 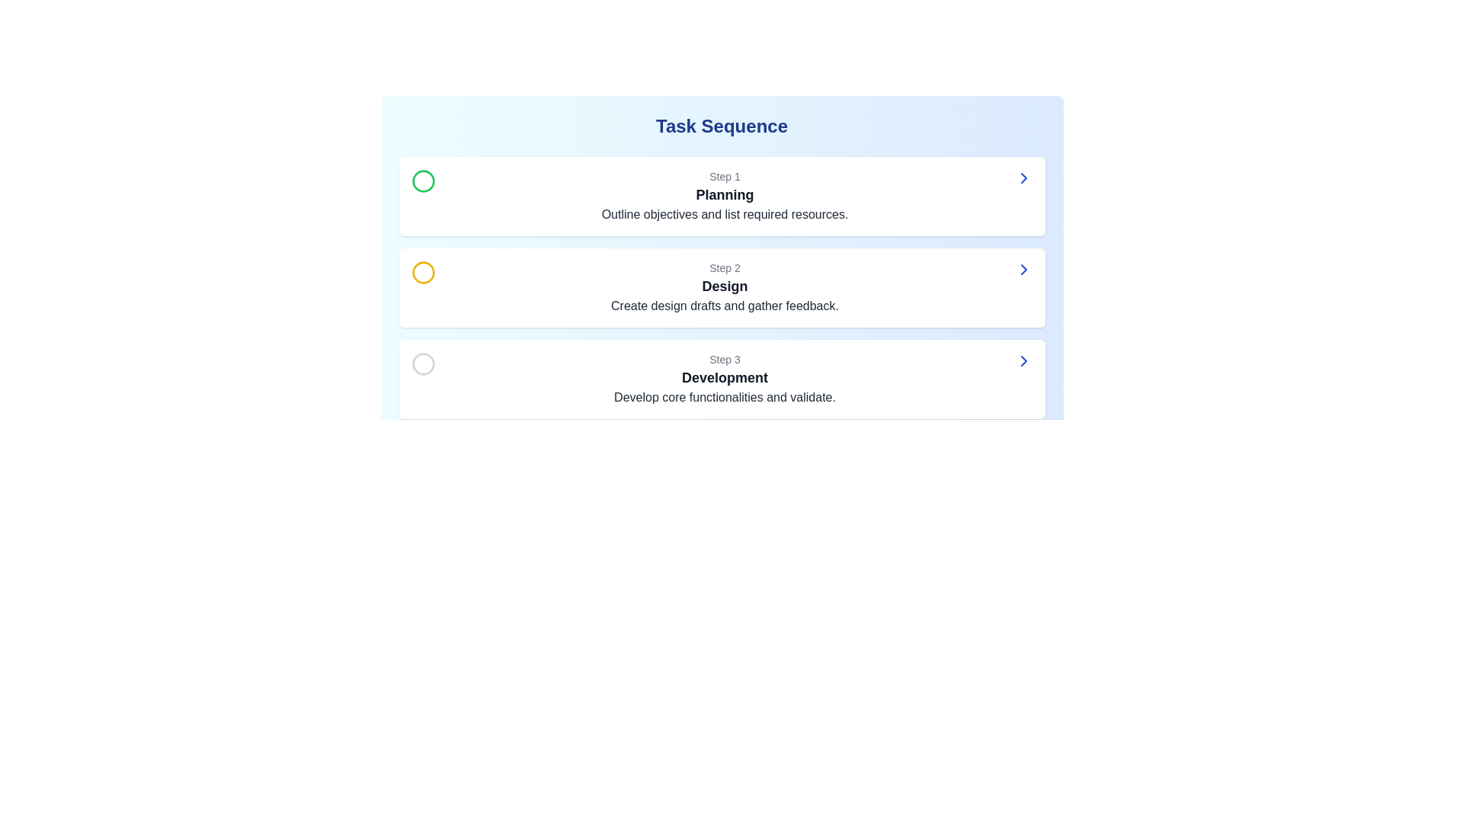 I want to click on the downward chevron arrow icon in blue located at the far right of the 'Step 2' card, so click(x=1023, y=269).